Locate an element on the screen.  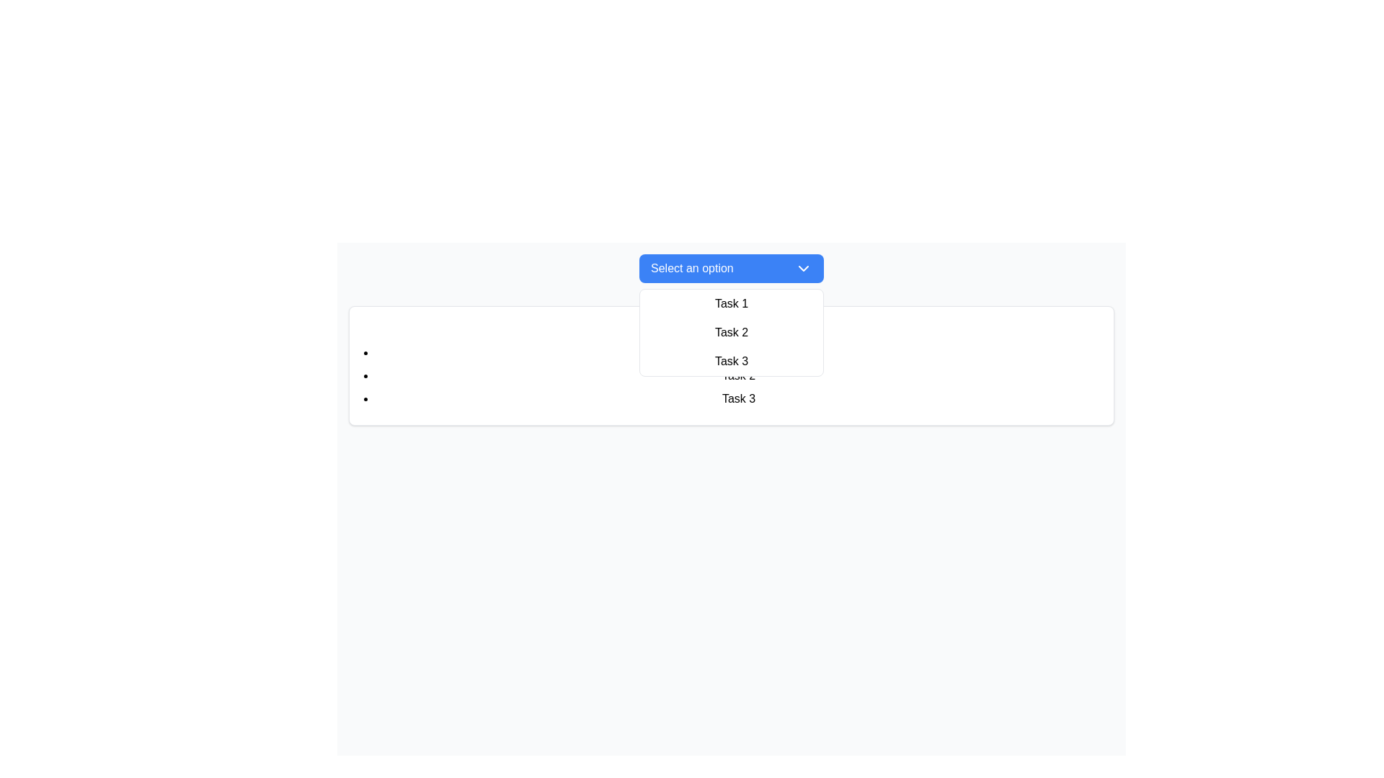
the 'Task Overview' label, which is displayed in bold font at the top of a white background content box is located at coordinates (731, 328).